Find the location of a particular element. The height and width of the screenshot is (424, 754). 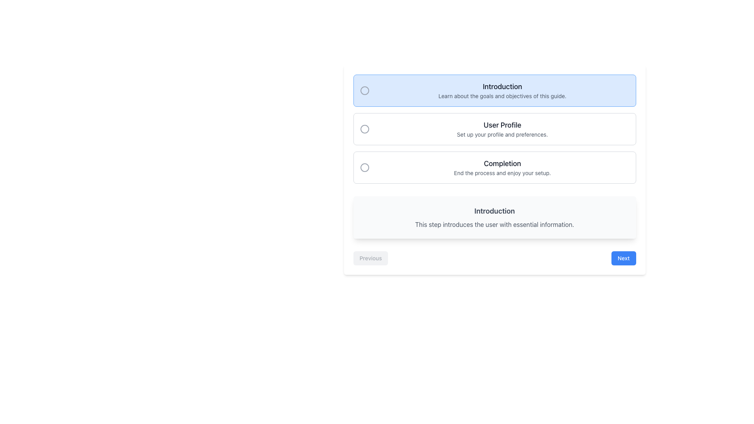

the Informational Card that provides an overview of the current step in the guide, specifically labeled 'Introduction', which is the fourth card in the layout is located at coordinates (494, 217).